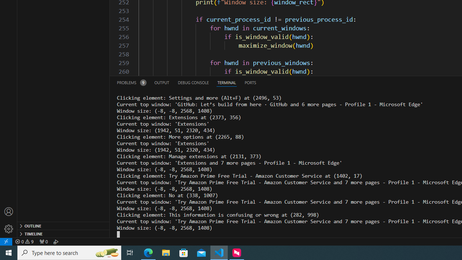  Describe the element at coordinates (161, 82) in the screenshot. I see `'Output (Ctrl+Shift+U)'` at that location.